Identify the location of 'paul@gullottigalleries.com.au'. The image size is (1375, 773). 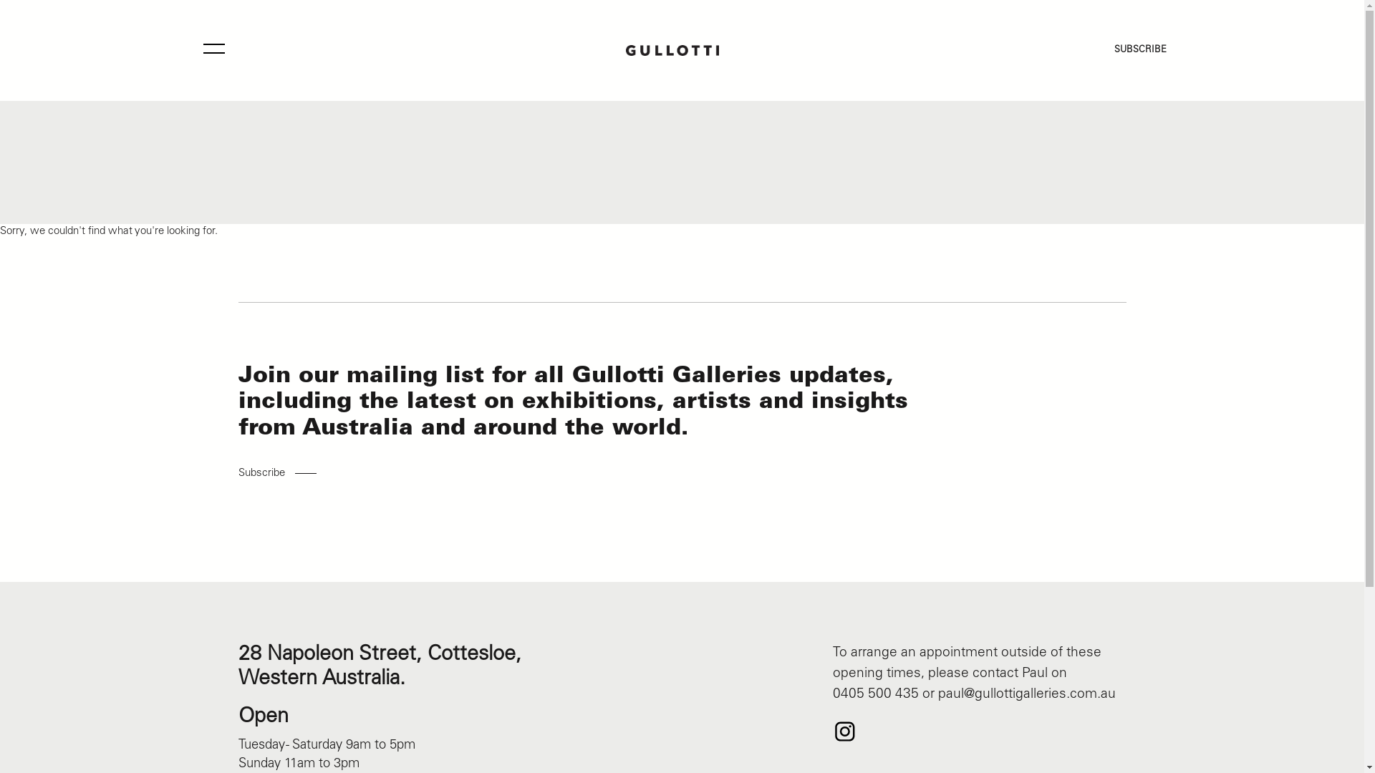
(938, 694).